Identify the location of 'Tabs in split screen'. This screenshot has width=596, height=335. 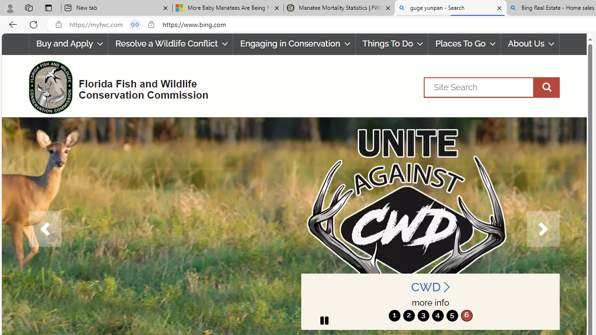
(134, 24).